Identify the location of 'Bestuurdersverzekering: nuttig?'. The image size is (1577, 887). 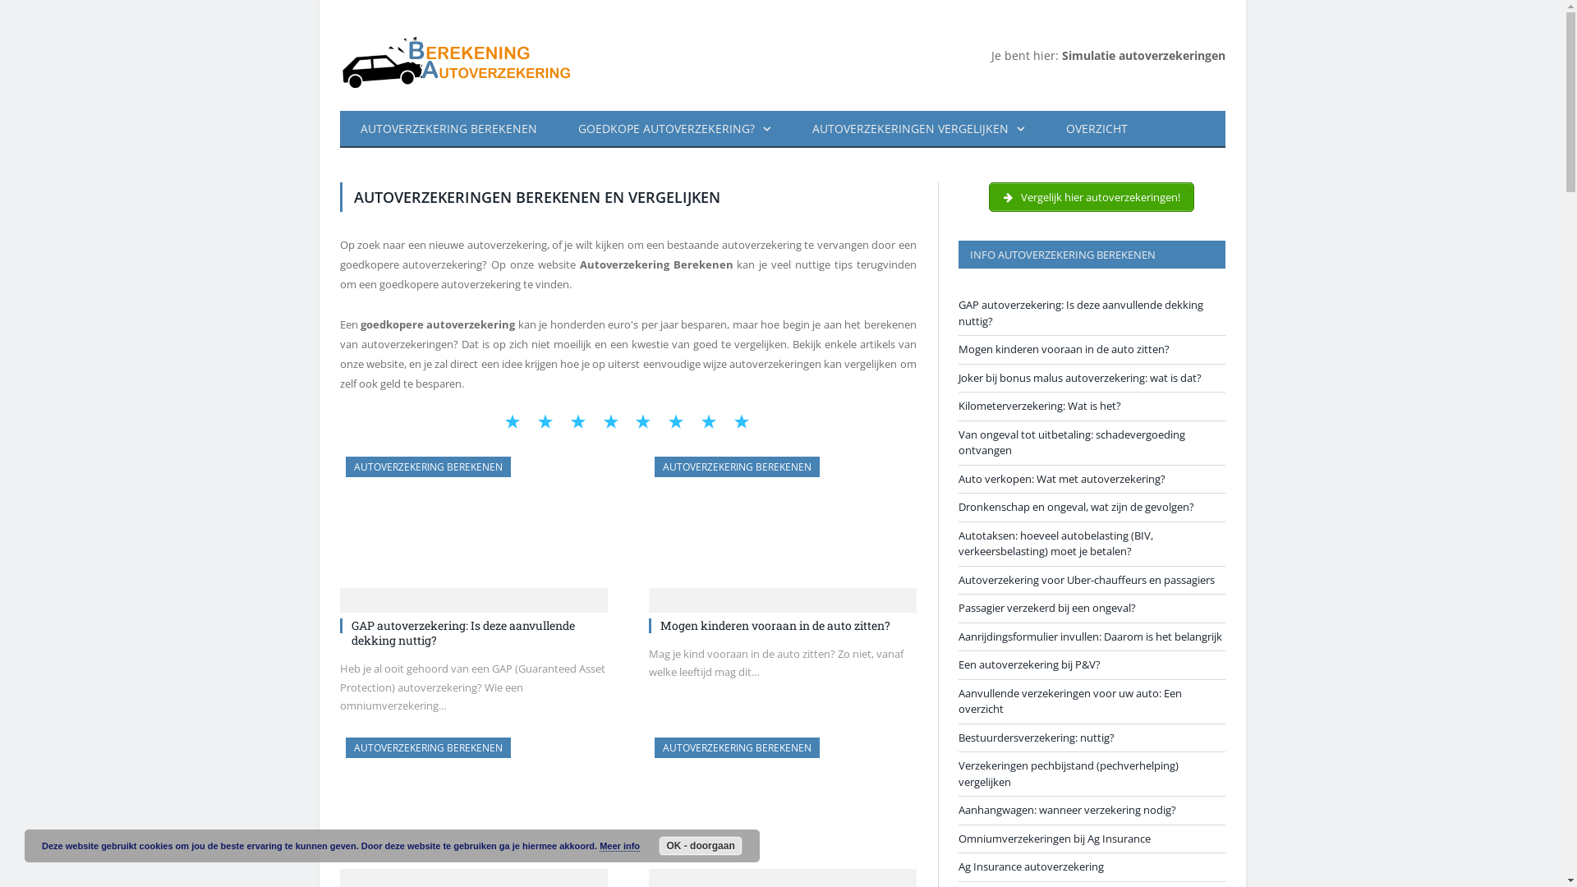
(1035, 736).